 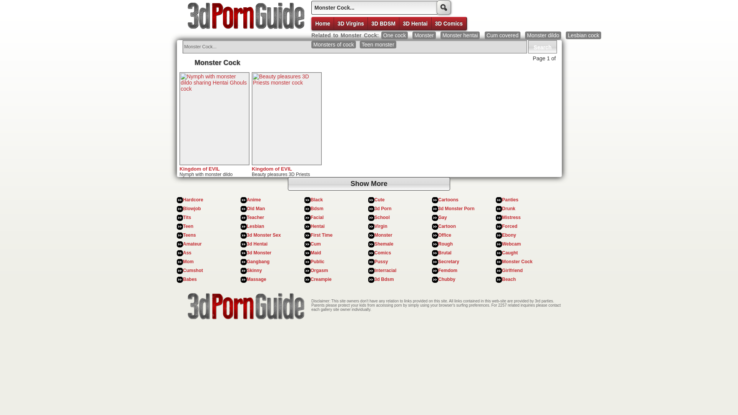 What do you see at coordinates (247, 253) in the screenshot?
I see `'3d Monster'` at bounding box center [247, 253].